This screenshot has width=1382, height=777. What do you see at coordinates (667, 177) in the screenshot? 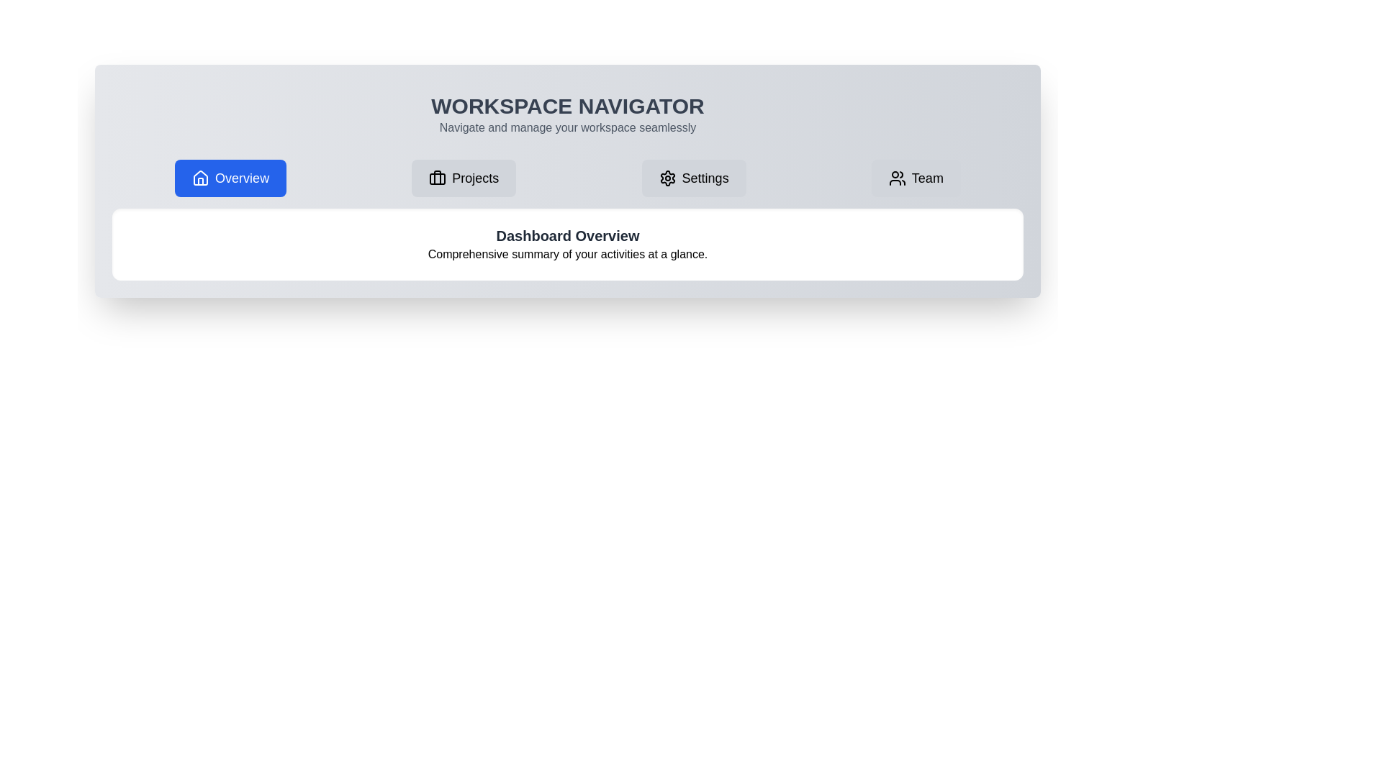
I see `the gear-like settings icon located in the 'Settings' section of the navigation bar` at bounding box center [667, 177].